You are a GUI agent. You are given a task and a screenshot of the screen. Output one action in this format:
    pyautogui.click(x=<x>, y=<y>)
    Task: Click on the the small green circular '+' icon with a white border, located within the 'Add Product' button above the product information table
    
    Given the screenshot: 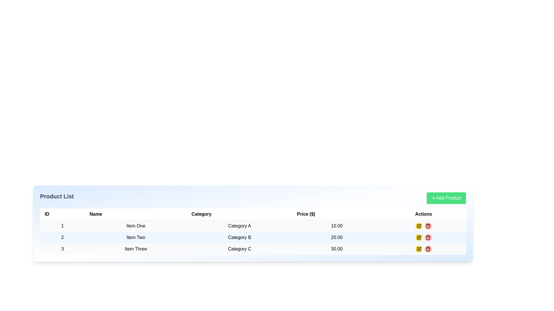 What is the action you would take?
    pyautogui.click(x=433, y=198)
    